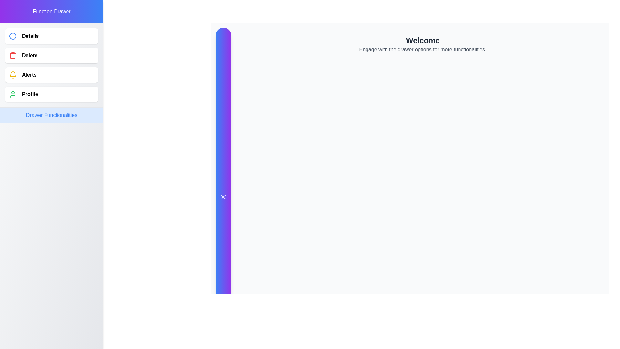 This screenshot has height=349, width=620. I want to click on the text label for accessing or managing alerts or notifications, which is the third item in a vertical list in the left-aligned drawer menu, so click(29, 74).